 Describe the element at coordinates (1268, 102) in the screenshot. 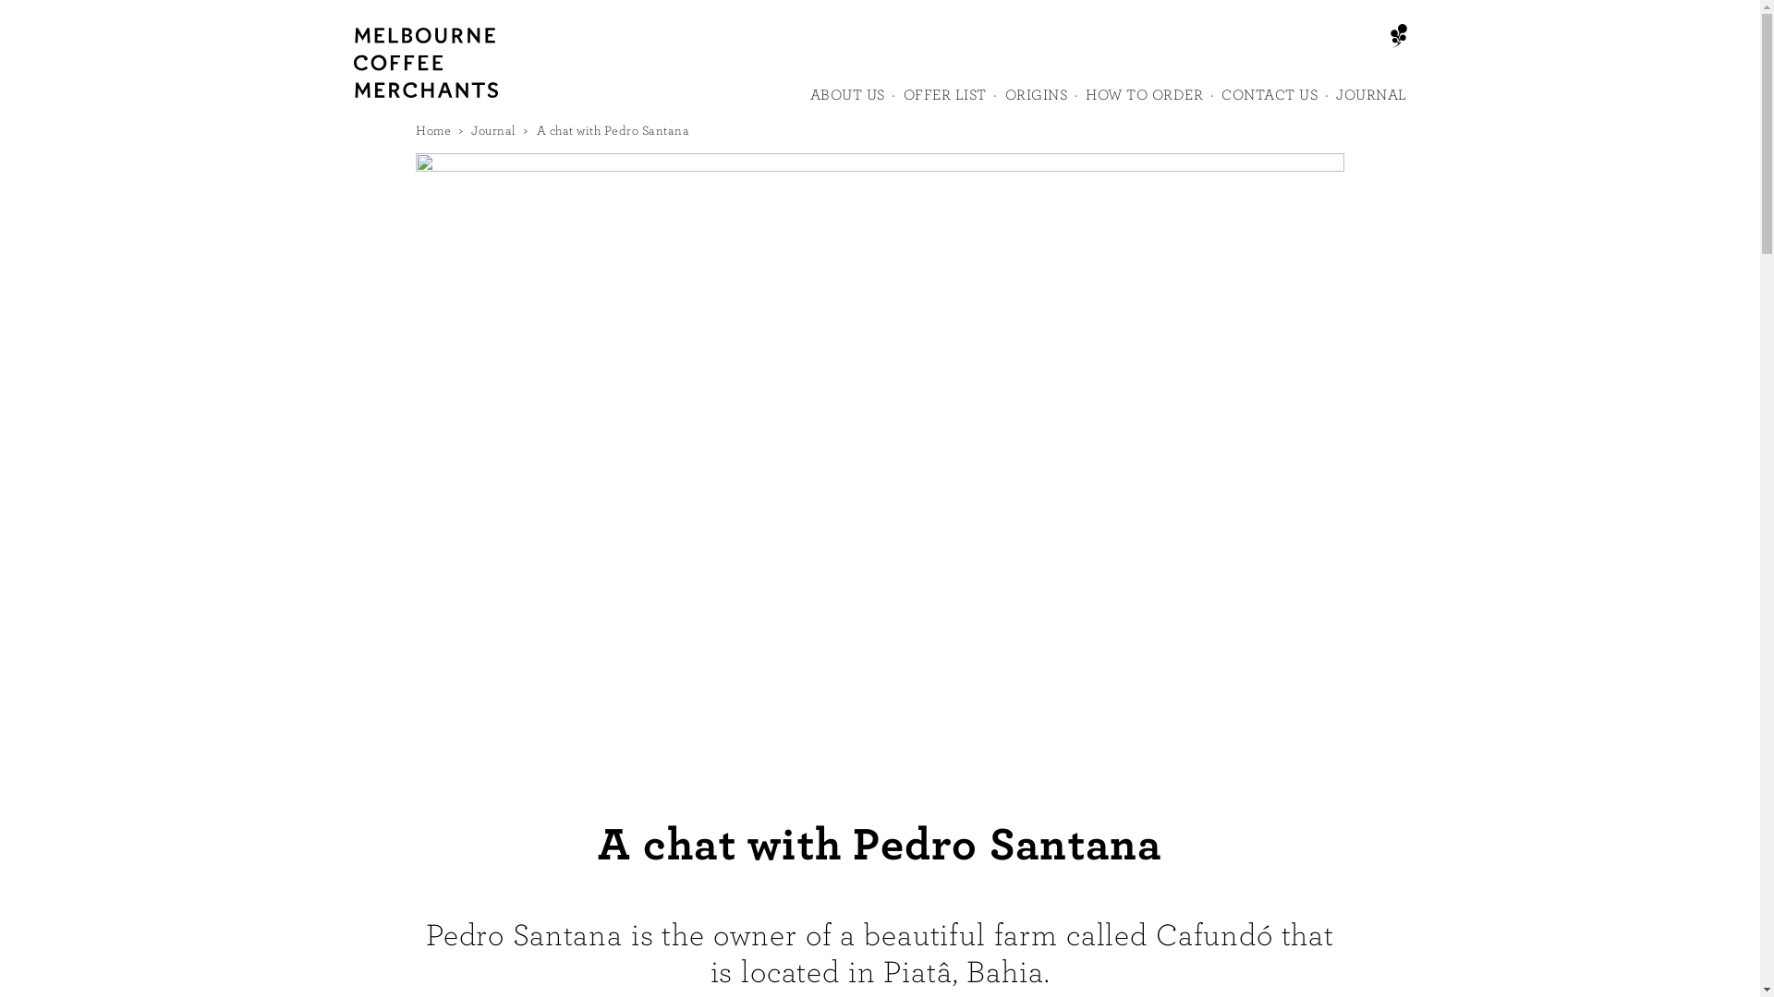

I see `'CONTACT US'` at that location.